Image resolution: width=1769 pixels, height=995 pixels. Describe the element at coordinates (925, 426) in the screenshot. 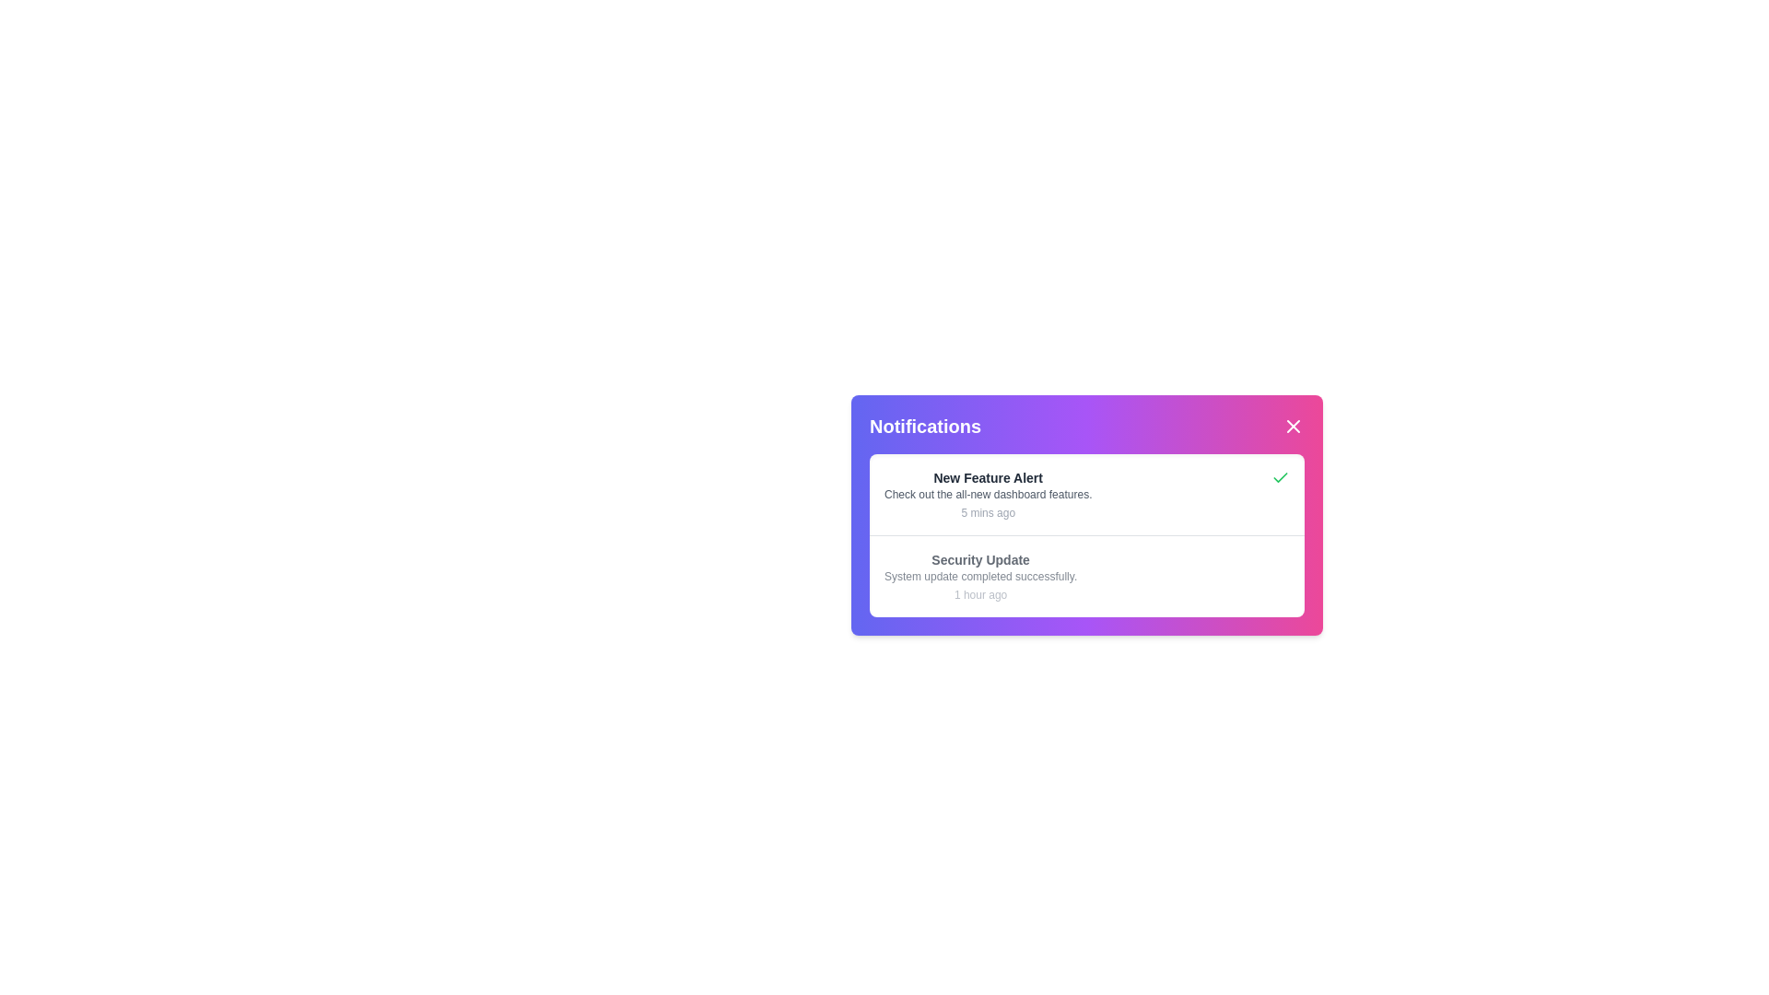

I see `the 'Notifications' text label, which is prominently displayed in bold and large font within the header bar of a notification card interface` at that location.